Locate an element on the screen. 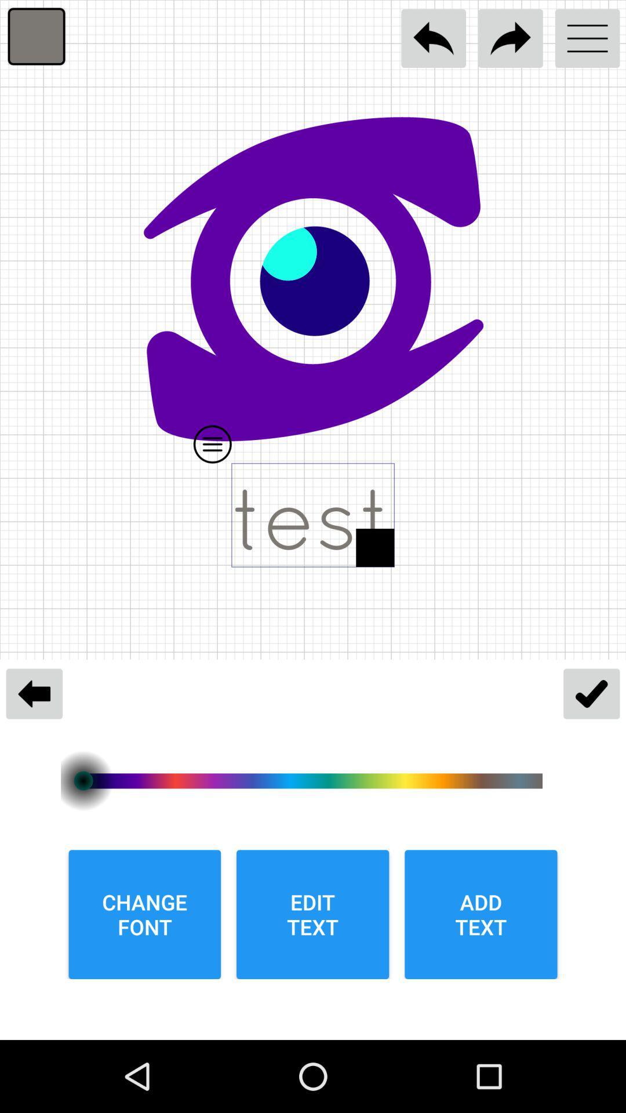  the undo icon is located at coordinates (434, 38).